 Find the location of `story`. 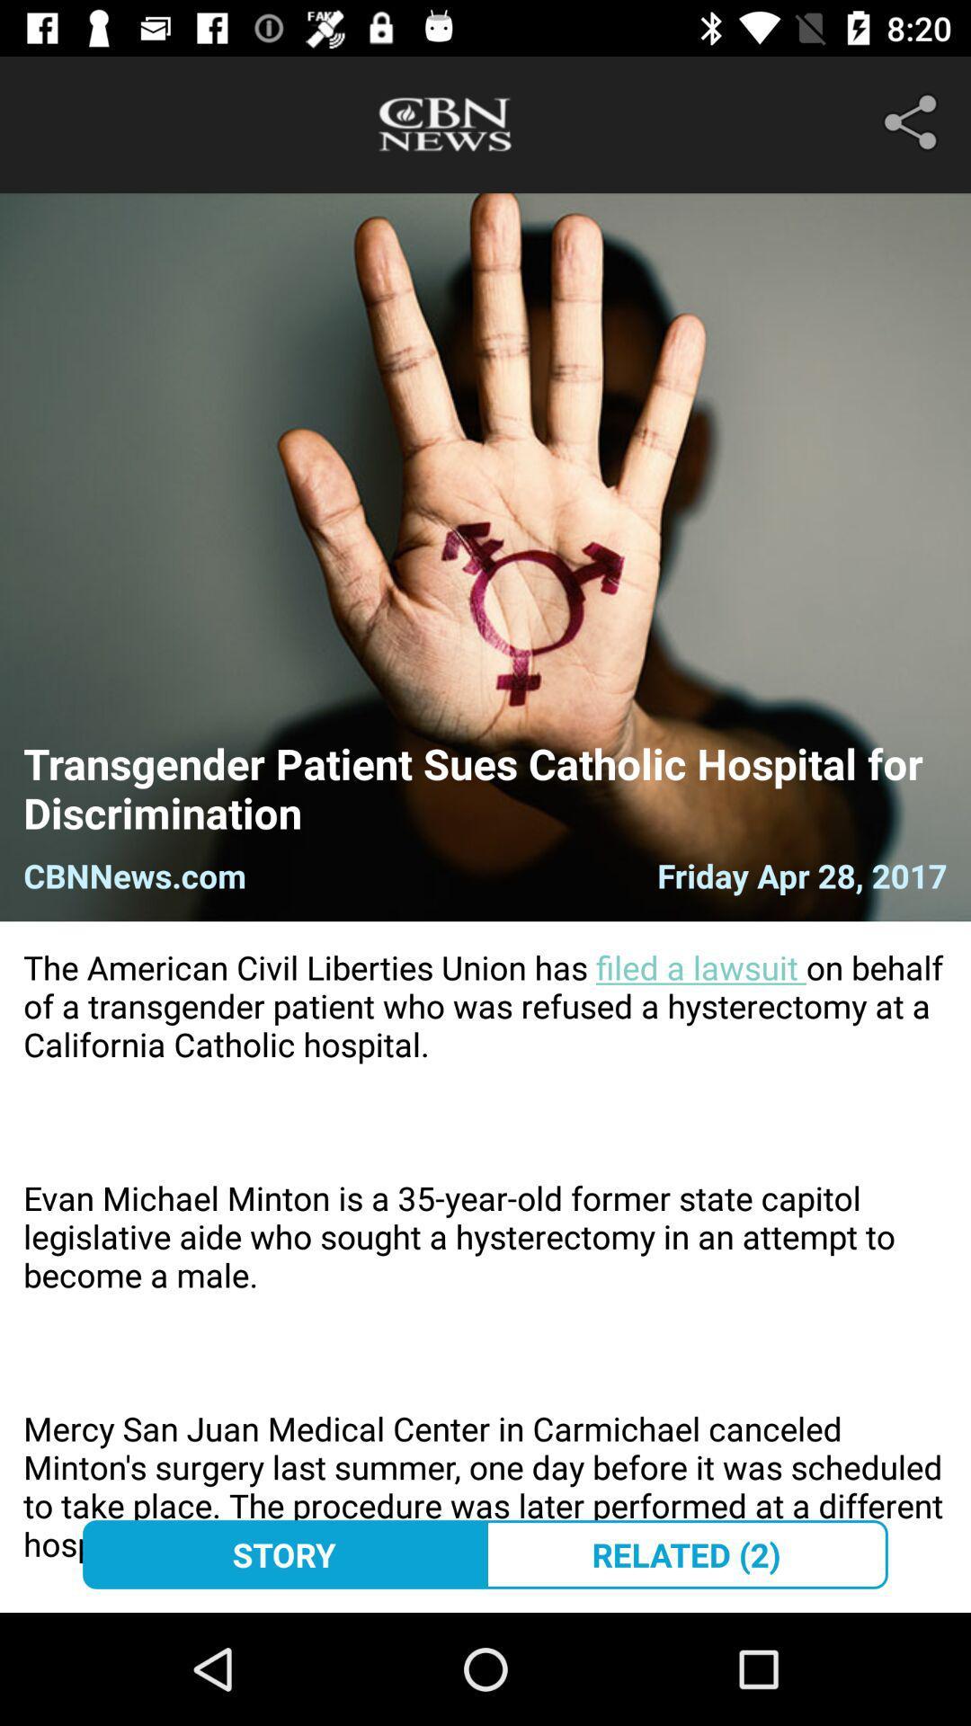

story is located at coordinates (283, 1553).